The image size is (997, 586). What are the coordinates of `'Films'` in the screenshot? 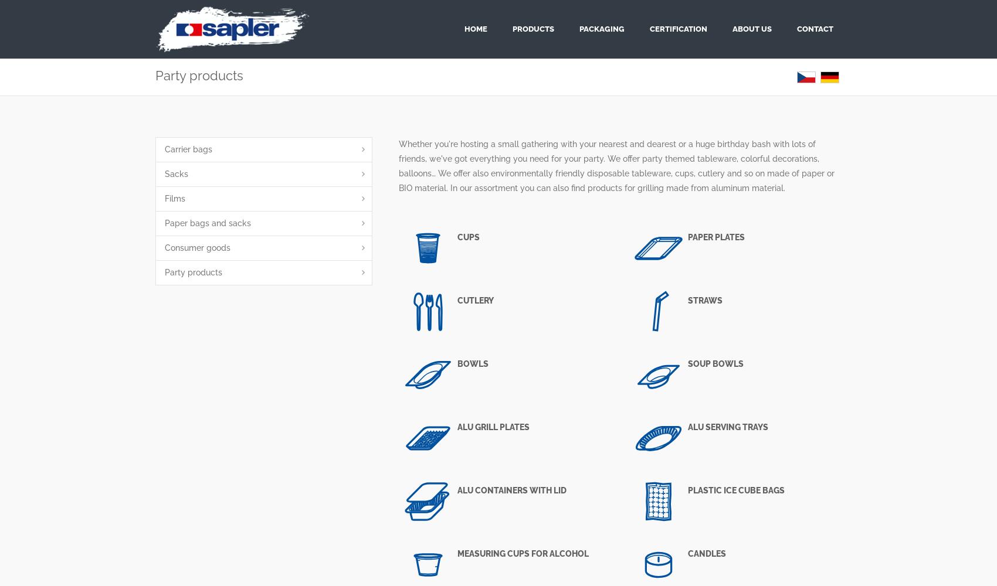 It's located at (175, 198).